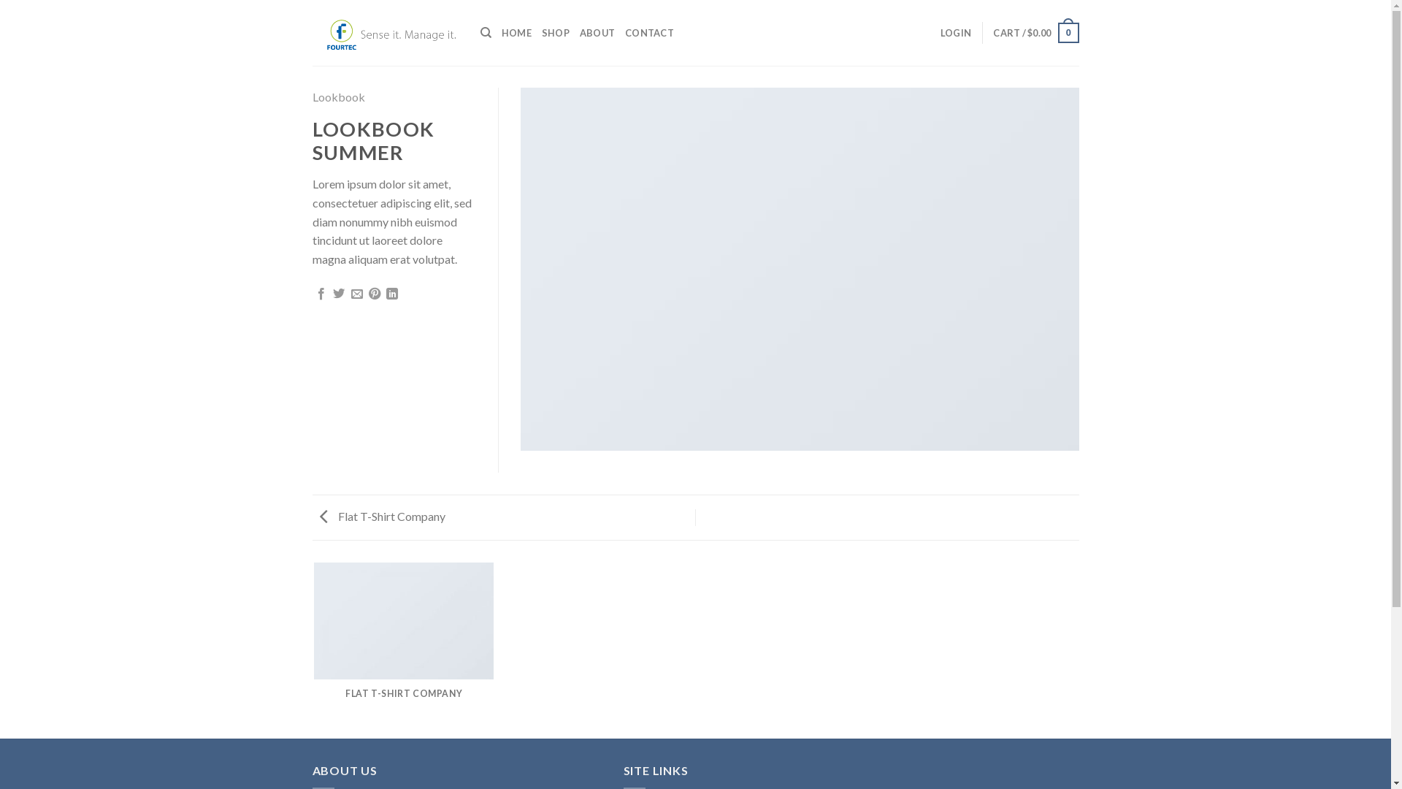  I want to click on 'Share on Facebook', so click(321, 294).